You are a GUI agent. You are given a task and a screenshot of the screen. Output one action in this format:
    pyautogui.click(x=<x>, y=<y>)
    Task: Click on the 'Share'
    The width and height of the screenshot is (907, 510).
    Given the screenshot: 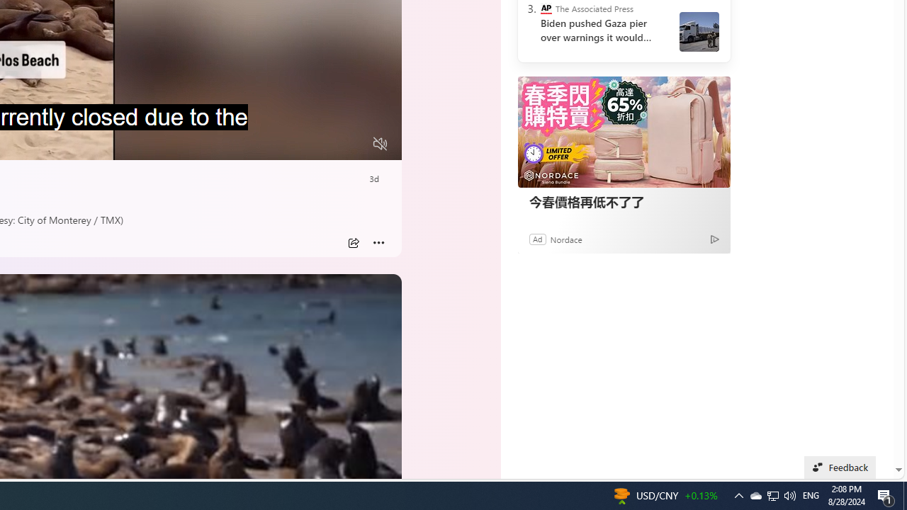 What is the action you would take?
    pyautogui.click(x=353, y=242)
    